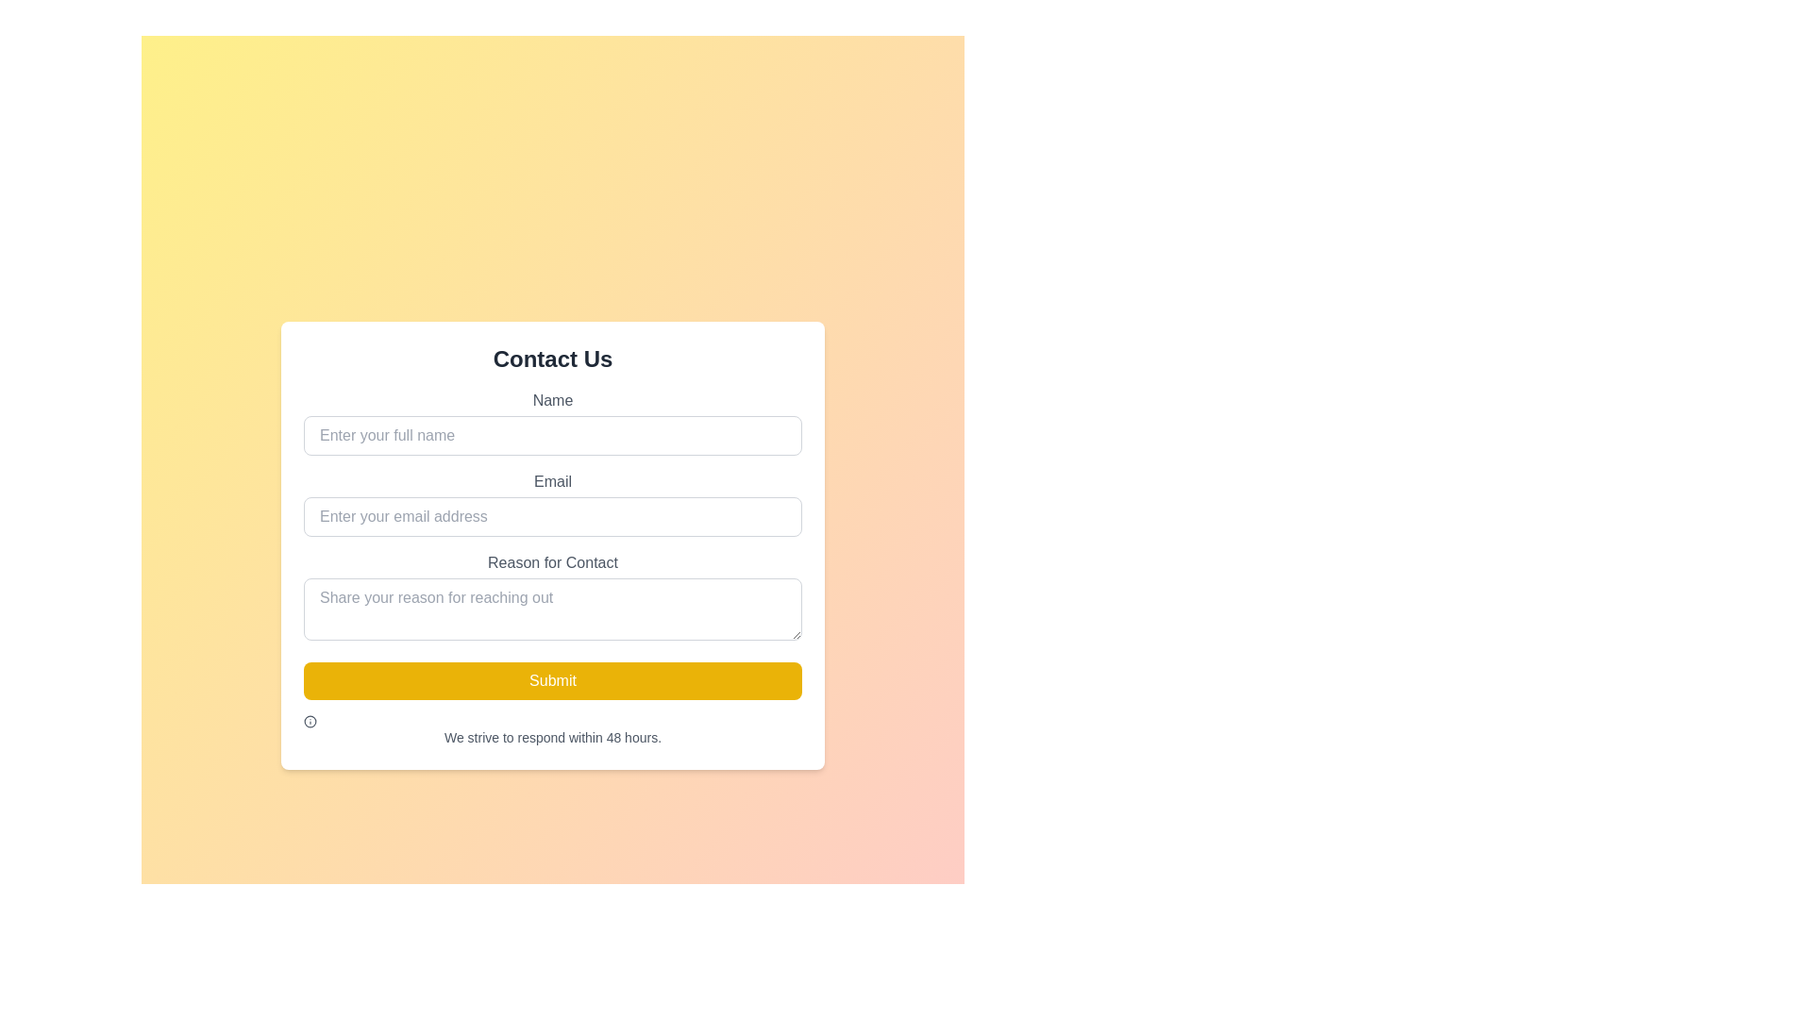 Image resolution: width=1812 pixels, height=1019 pixels. Describe the element at coordinates (551, 561) in the screenshot. I see `the 'Reason for Contact' text label, which is styled with a medium font weight and light gray color, positioned above the input field for sharing the reason for reaching out` at that location.